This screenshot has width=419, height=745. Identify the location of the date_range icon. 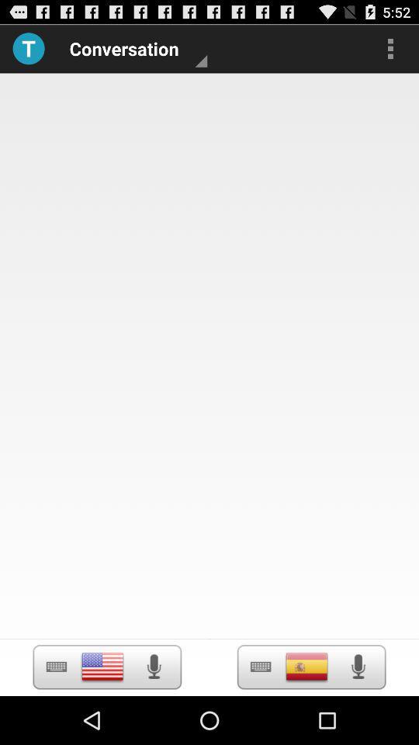
(55, 714).